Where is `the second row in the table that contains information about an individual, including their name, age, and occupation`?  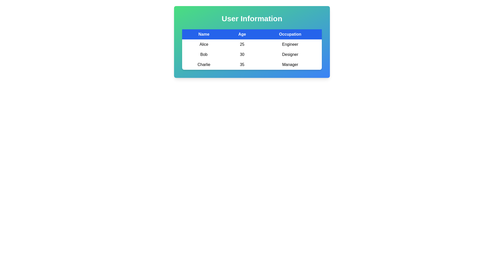 the second row in the table that contains information about an individual, including their name, age, and occupation is located at coordinates (252, 55).